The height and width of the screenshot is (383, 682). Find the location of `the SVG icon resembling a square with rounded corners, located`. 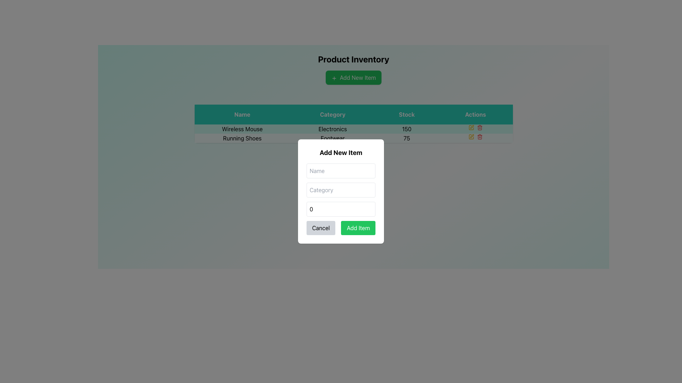

the SVG icon resembling a square with rounded corners, located is located at coordinates (471, 127).